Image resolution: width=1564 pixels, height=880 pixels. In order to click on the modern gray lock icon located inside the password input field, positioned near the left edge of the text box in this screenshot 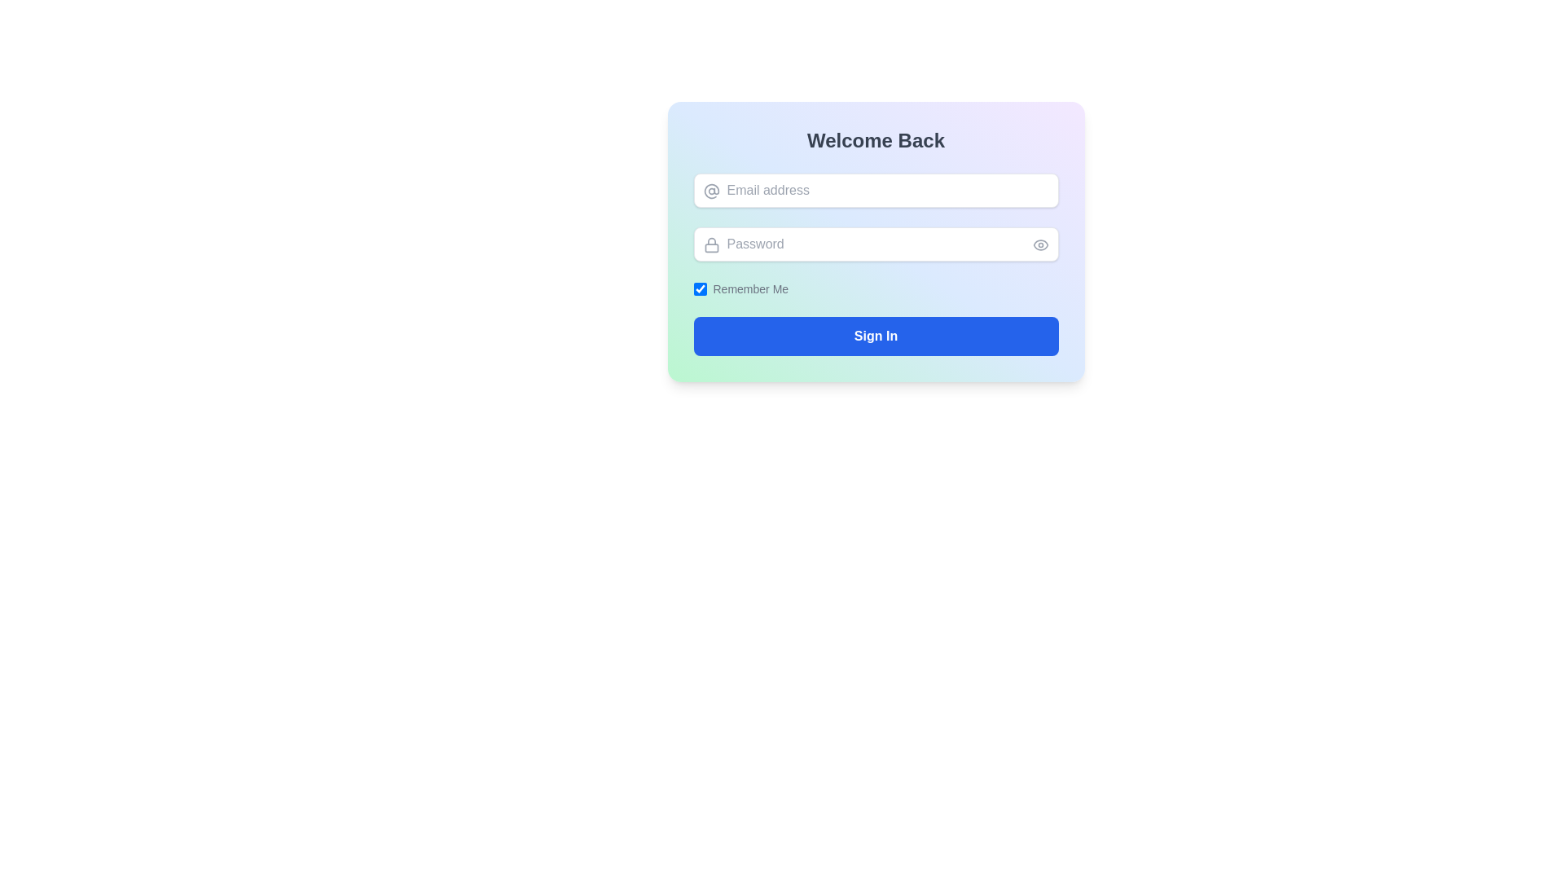, I will do `click(711, 244)`.